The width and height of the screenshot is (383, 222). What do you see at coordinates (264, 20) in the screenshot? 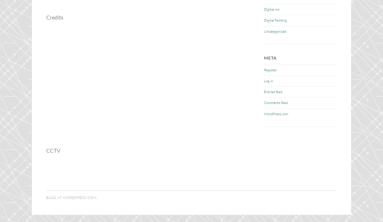
I see `'Digital Painting'` at bounding box center [264, 20].